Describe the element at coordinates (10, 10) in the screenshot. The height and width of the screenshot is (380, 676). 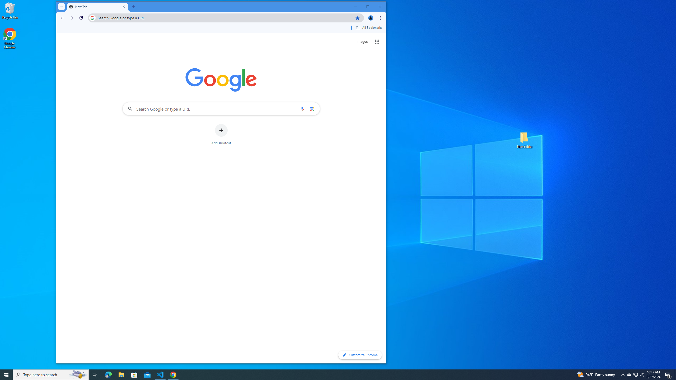
I see `'Recycle Bin'` at that location.